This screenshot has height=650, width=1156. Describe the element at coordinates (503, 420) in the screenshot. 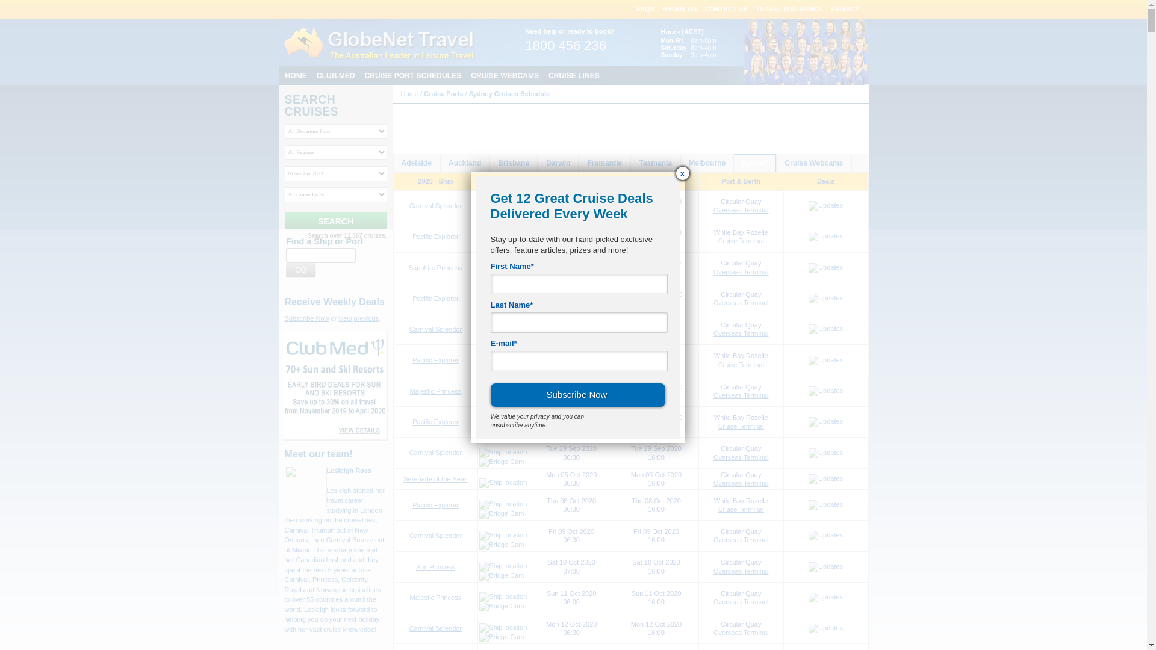

I see `'Ship location'` at that location.